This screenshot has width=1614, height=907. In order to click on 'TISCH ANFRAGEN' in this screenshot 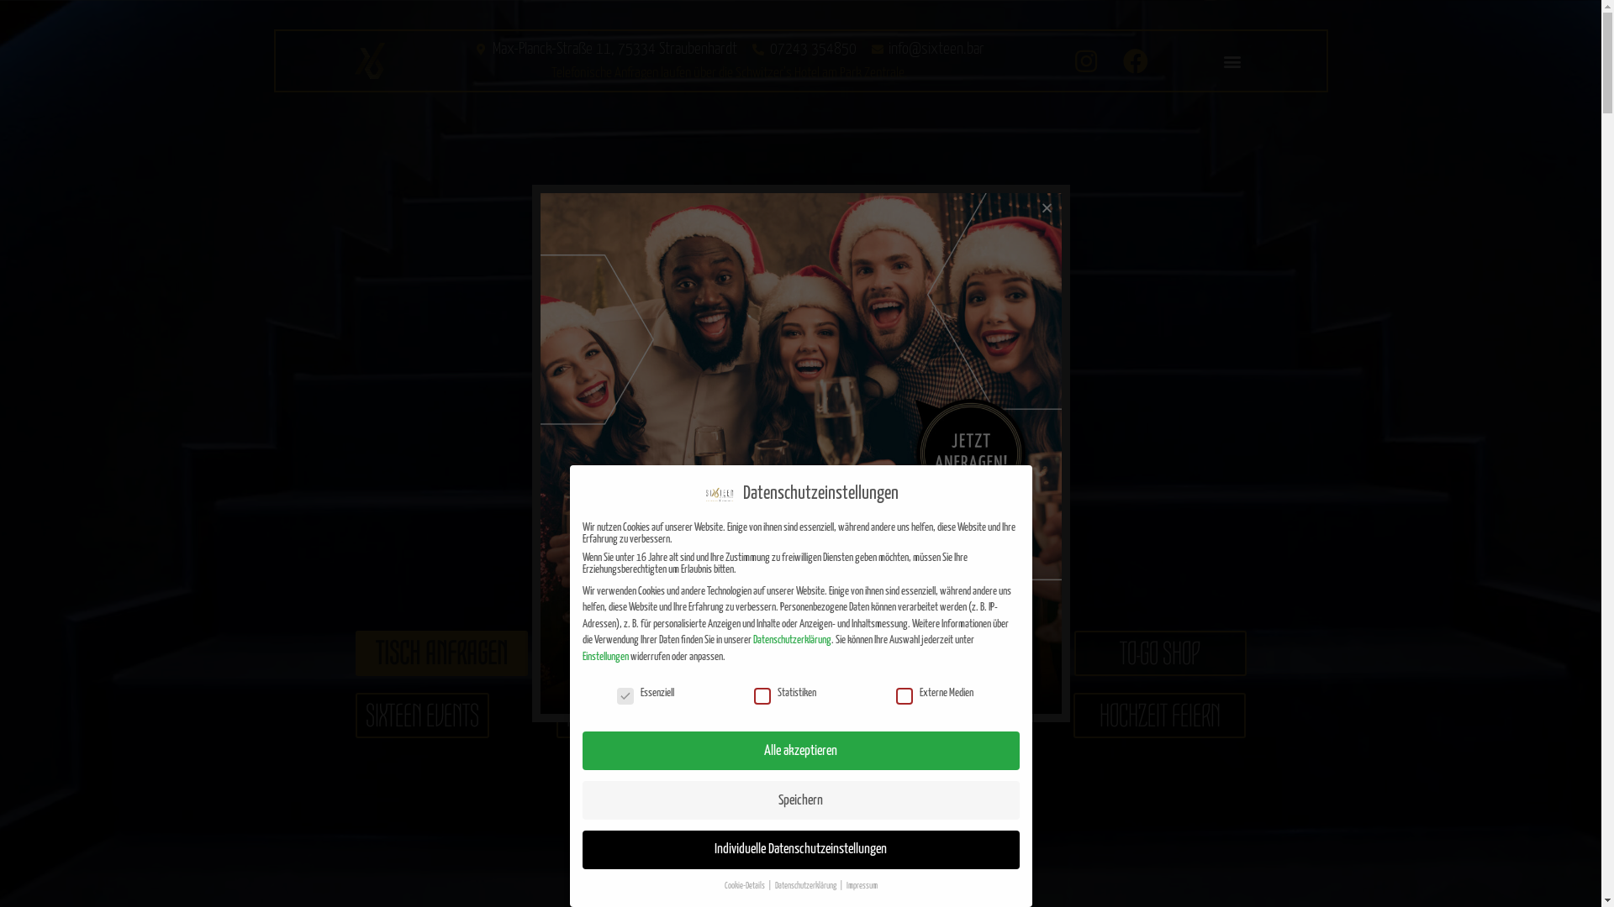, I will do `click(440, 653)`.